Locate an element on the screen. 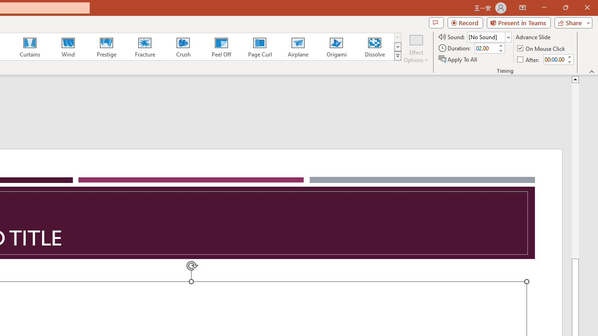  'Transition Effects' is located at coordinates (398, 56).